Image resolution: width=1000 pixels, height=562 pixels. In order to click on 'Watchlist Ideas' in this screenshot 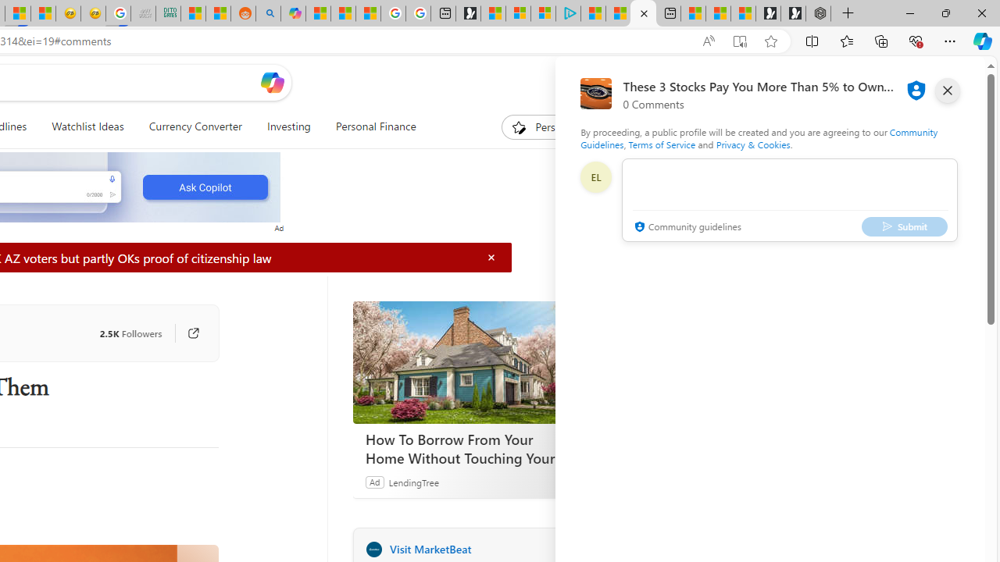, I will do `click(87, 126)`.